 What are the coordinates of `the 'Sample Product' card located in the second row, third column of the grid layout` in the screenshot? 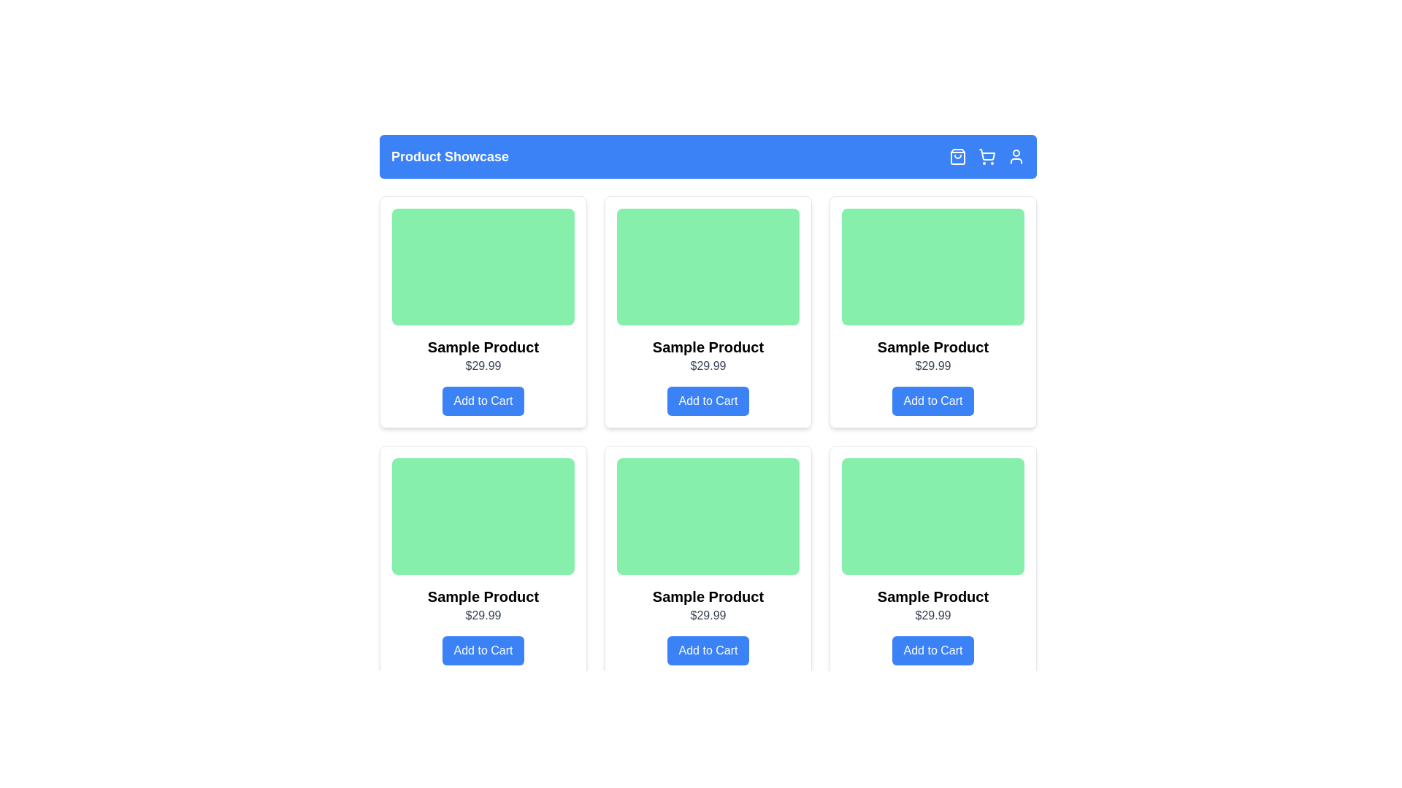 It's located at (708, 561).